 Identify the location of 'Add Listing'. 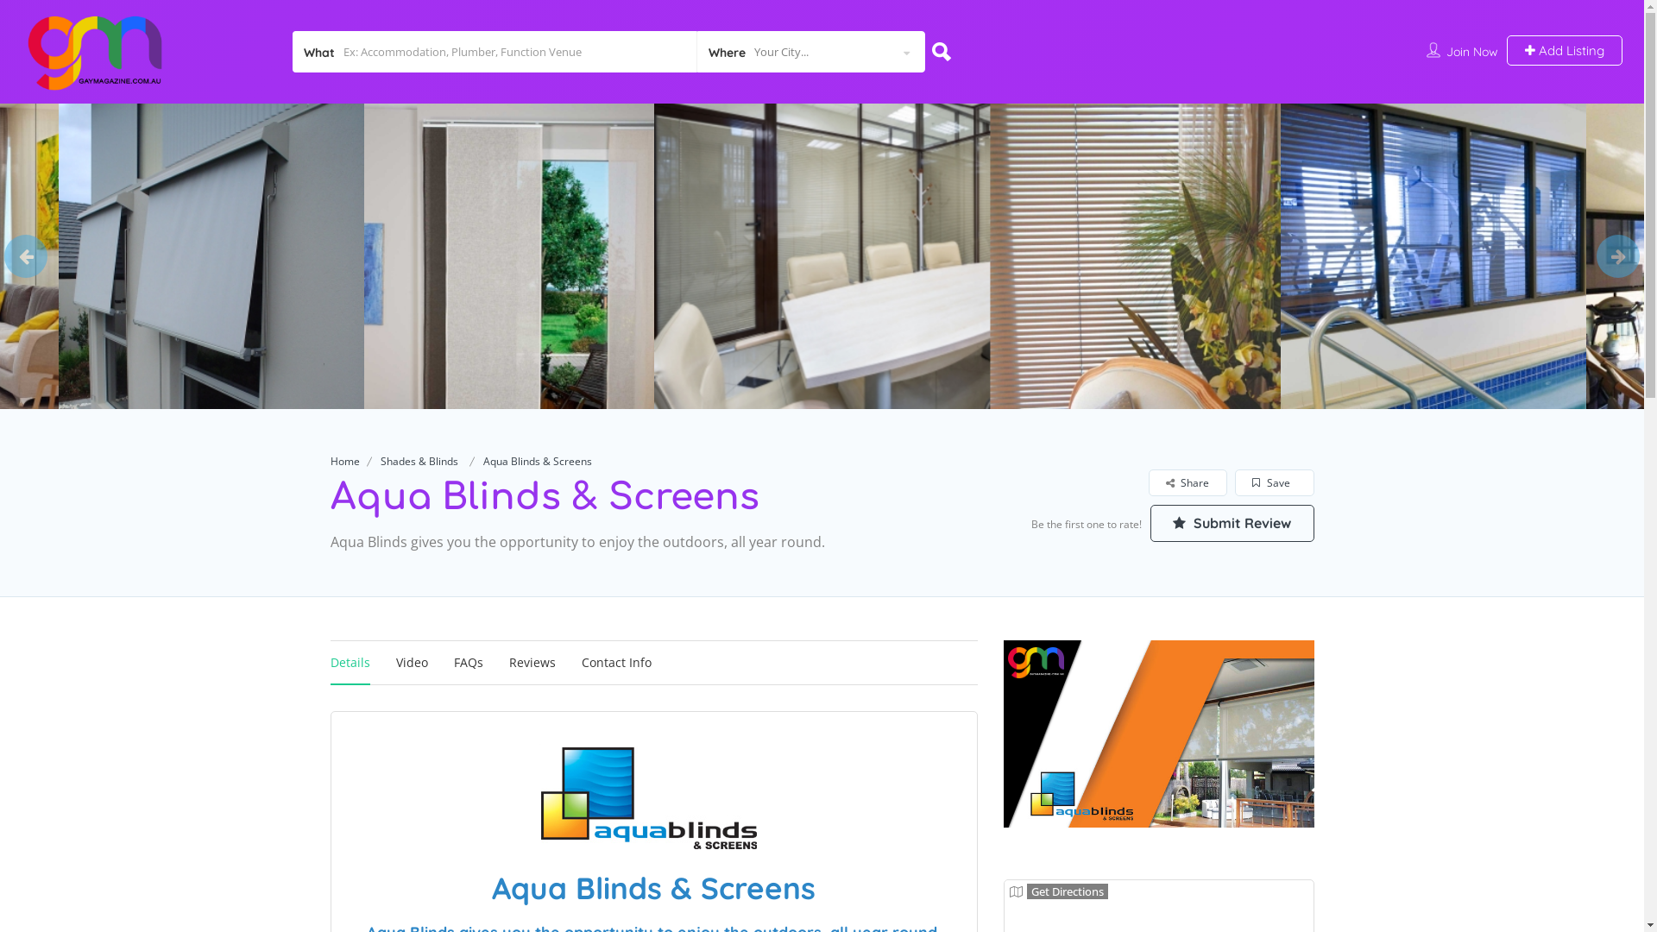
(1565, 49).